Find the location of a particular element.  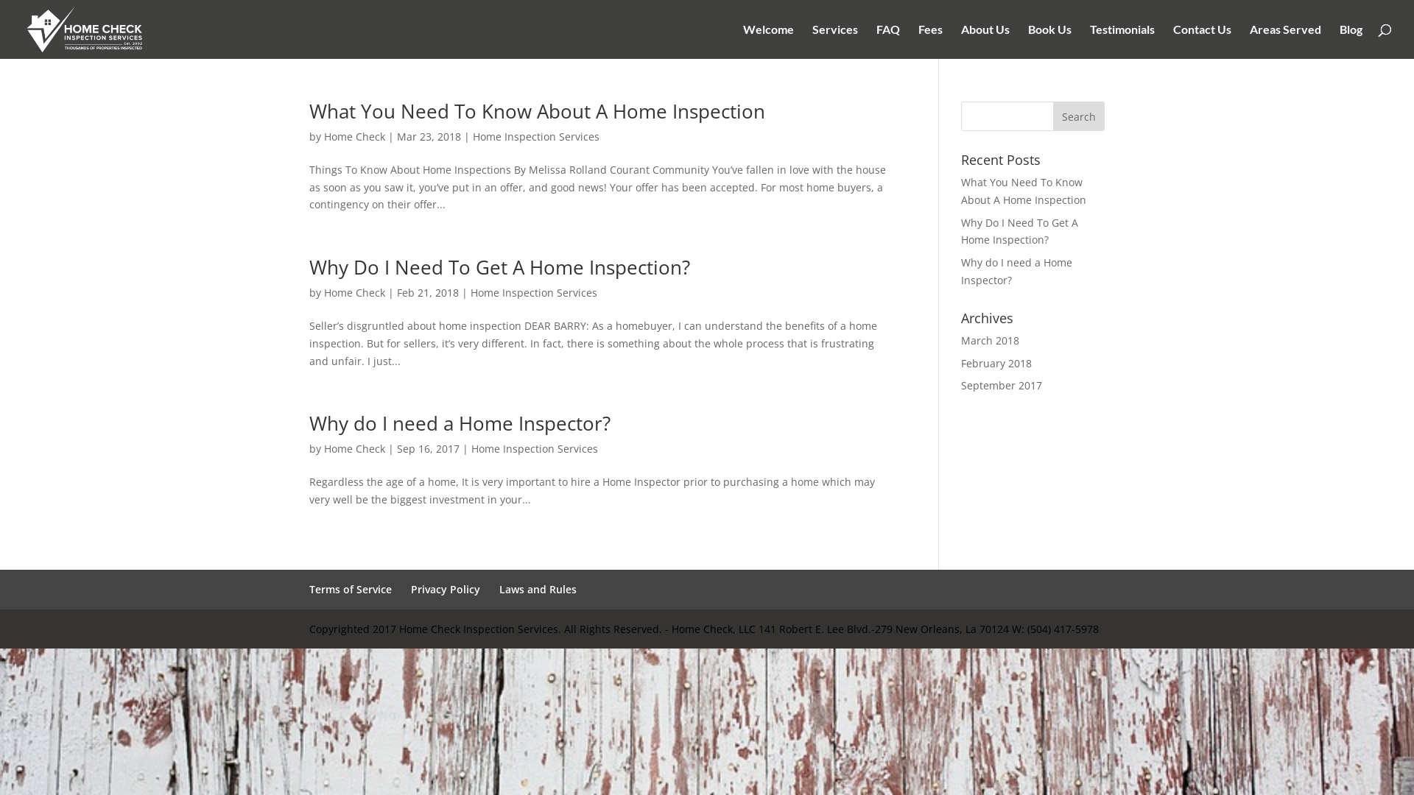

'Privacy Policy' is located at coordinates (444, 588).